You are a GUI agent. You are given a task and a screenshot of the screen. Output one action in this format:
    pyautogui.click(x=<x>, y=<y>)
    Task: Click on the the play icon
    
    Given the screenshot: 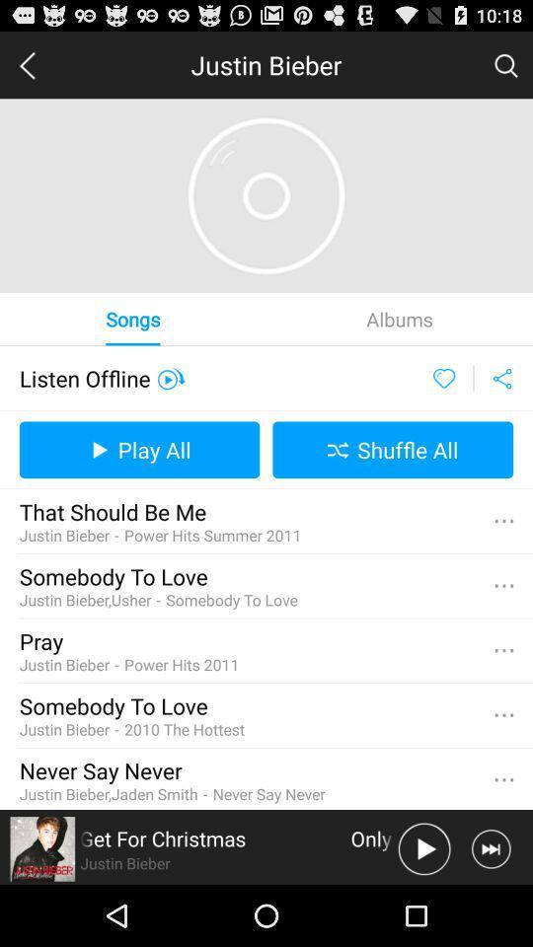 What is the action you would take?
    pyautogui.click(x=423, y=909)
    